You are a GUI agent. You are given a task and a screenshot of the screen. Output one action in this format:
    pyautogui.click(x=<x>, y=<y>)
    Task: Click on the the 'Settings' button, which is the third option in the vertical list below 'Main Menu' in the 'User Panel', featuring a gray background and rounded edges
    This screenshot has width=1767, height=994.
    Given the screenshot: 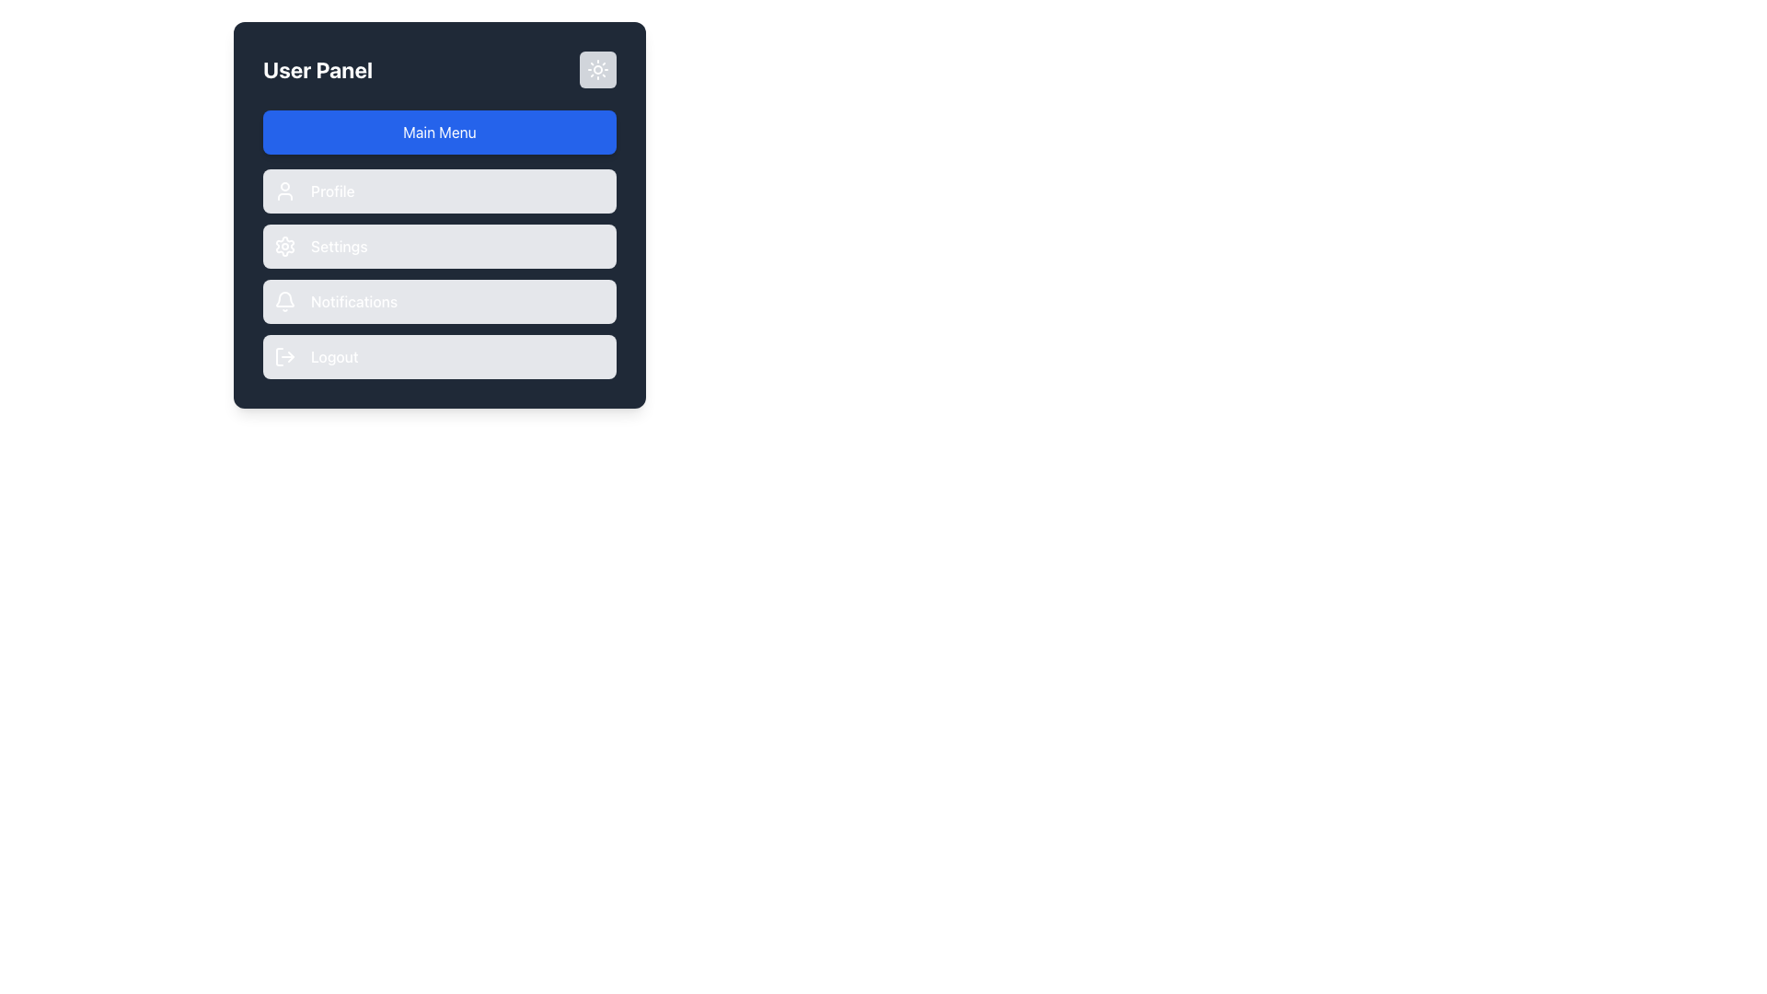 What is the action you would take?
    pyautogui.click(x=439, y=214)
    